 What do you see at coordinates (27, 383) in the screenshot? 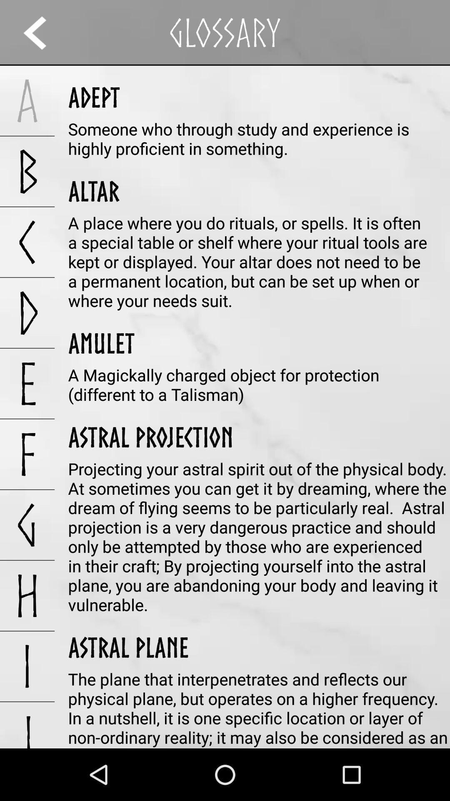
I see `icon to the left of amulet item` at bounding box center [27, 383].